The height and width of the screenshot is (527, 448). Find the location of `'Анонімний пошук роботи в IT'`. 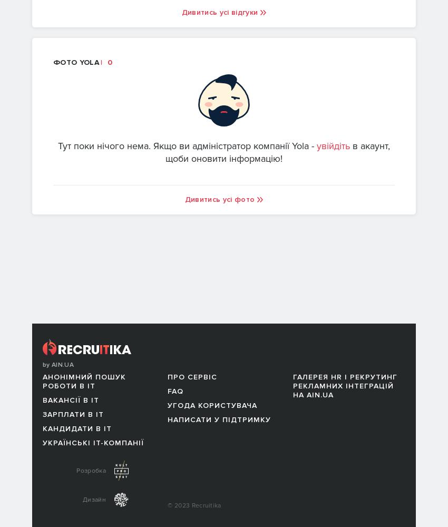

'Анонімний пошук роботи в IT' is located at coordinates (84, 381).